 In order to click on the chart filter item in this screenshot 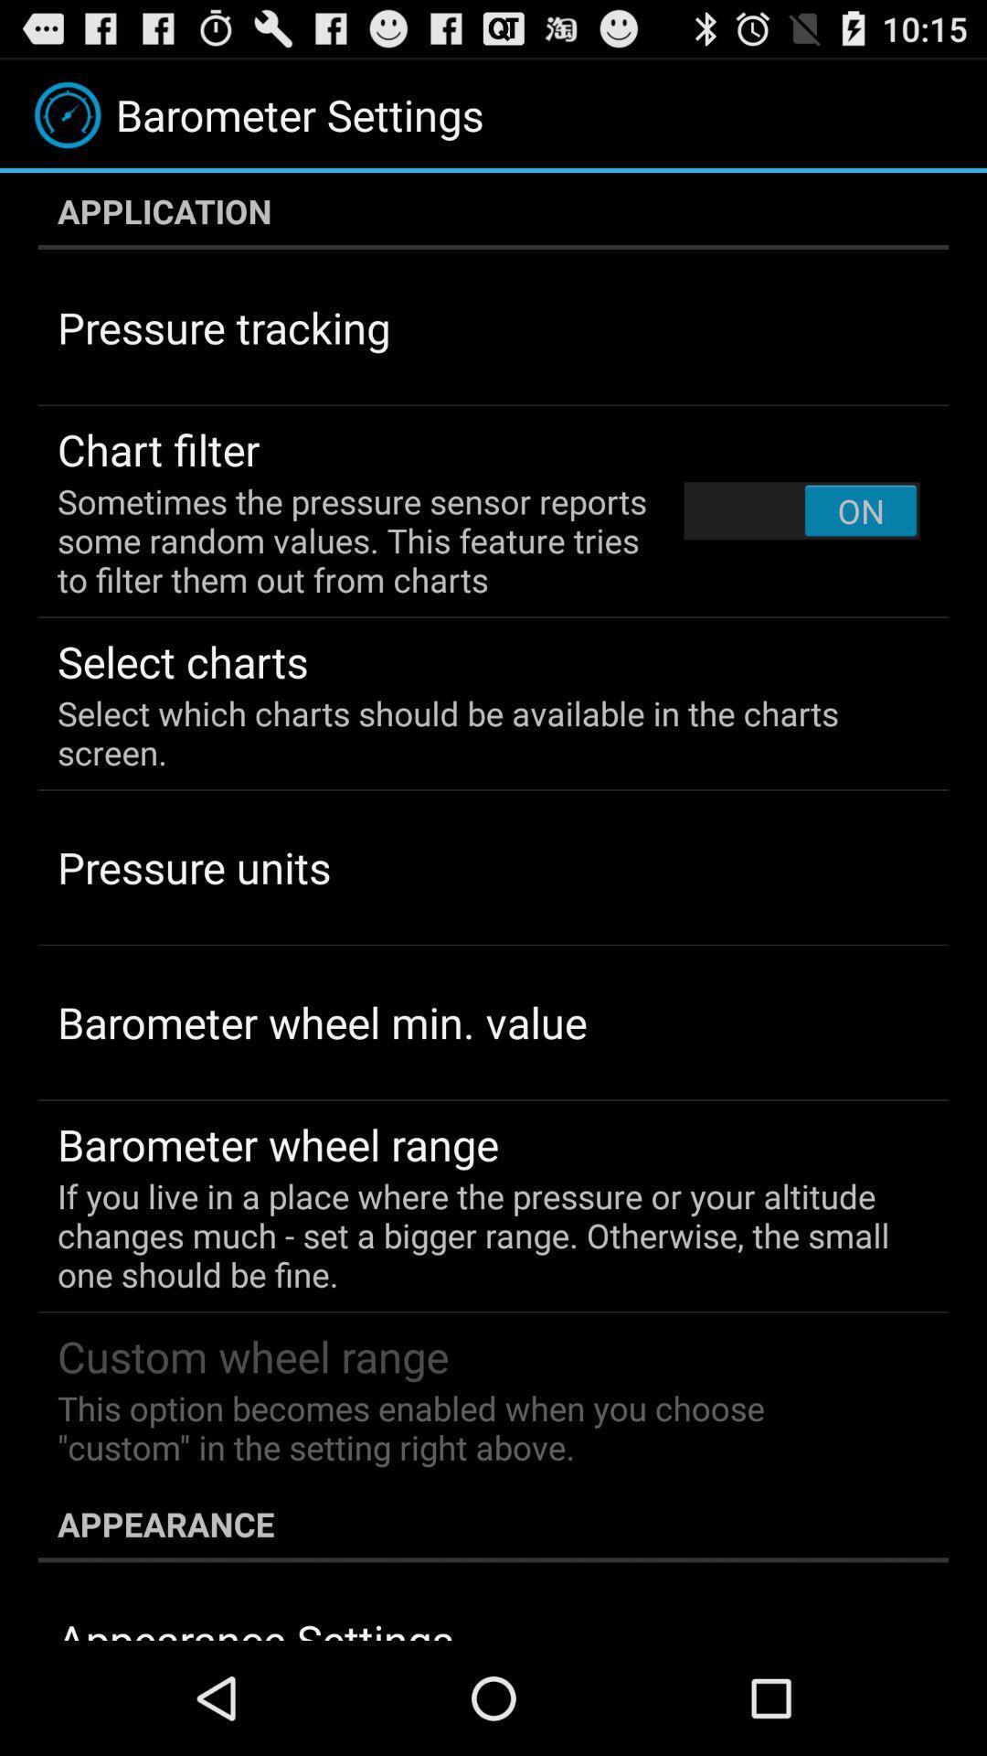, I will do `click(157, 449)`.